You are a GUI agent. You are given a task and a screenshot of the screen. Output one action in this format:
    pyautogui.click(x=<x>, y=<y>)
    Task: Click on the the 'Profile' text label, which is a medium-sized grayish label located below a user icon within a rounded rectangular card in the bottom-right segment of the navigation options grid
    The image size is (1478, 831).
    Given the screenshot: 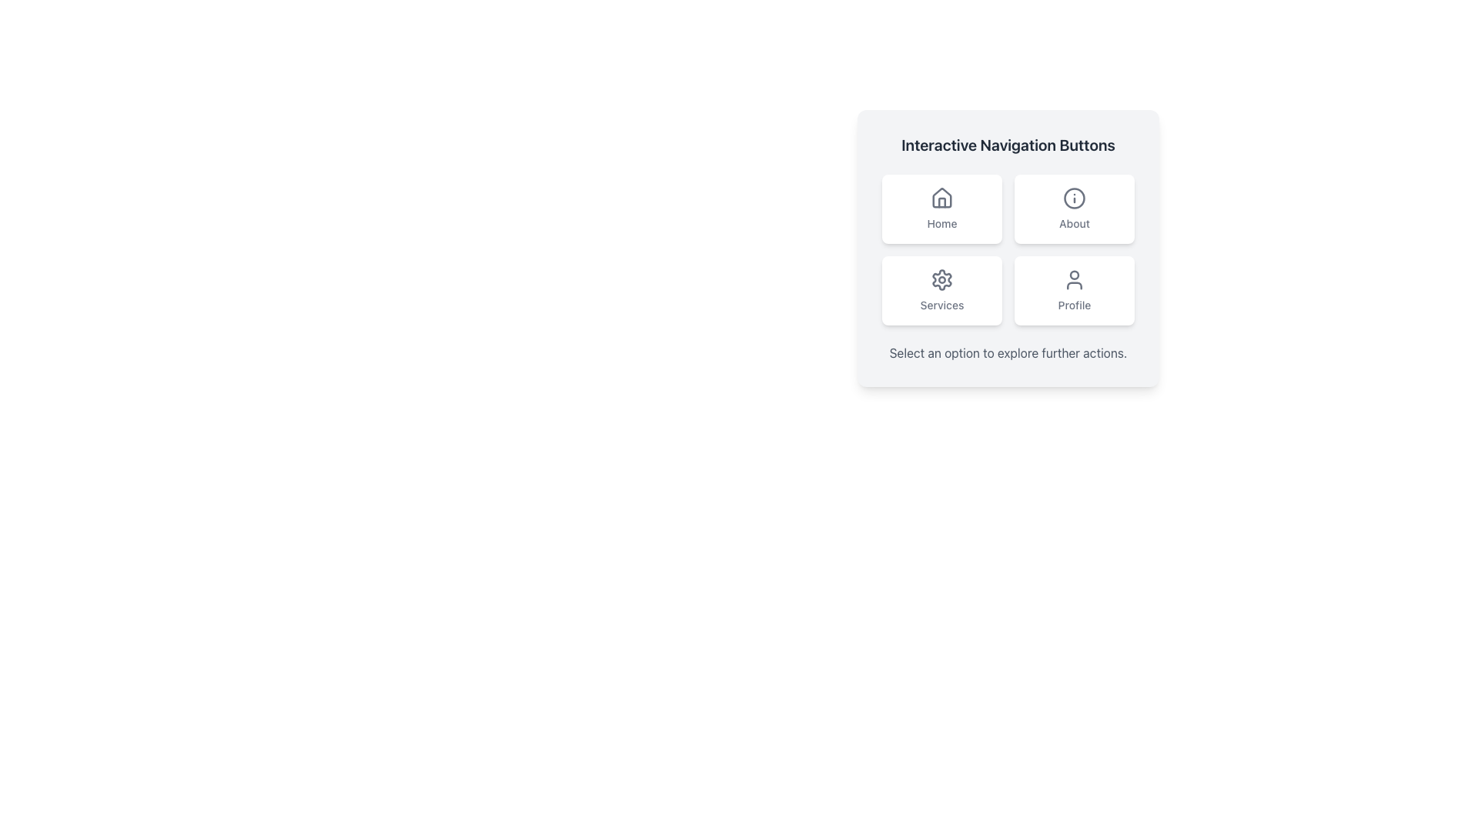 What is the action you would take?
    pyautogui.click(x=1074, y=305)
    